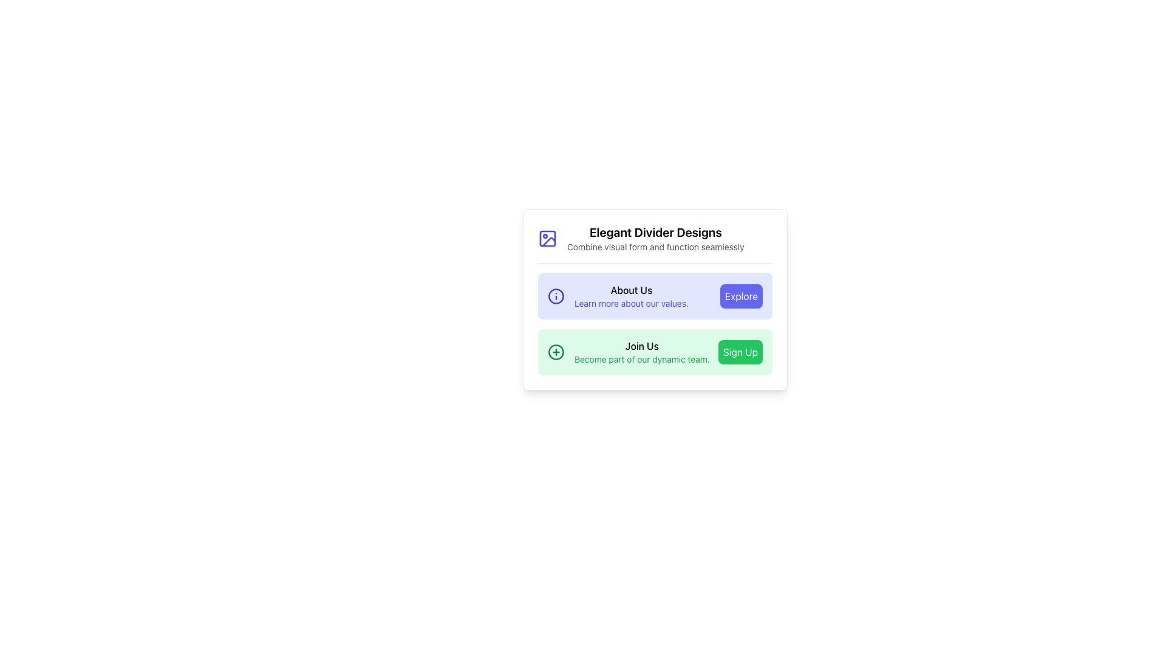 This screenshot has width=1166, height=656. Describe the element at coordinates (641, 358) in the screenshot. I see `the text element that contains 'Become part of our dynamic team.' located in the green-themed segment below the 'Join Us' heading` at that location.